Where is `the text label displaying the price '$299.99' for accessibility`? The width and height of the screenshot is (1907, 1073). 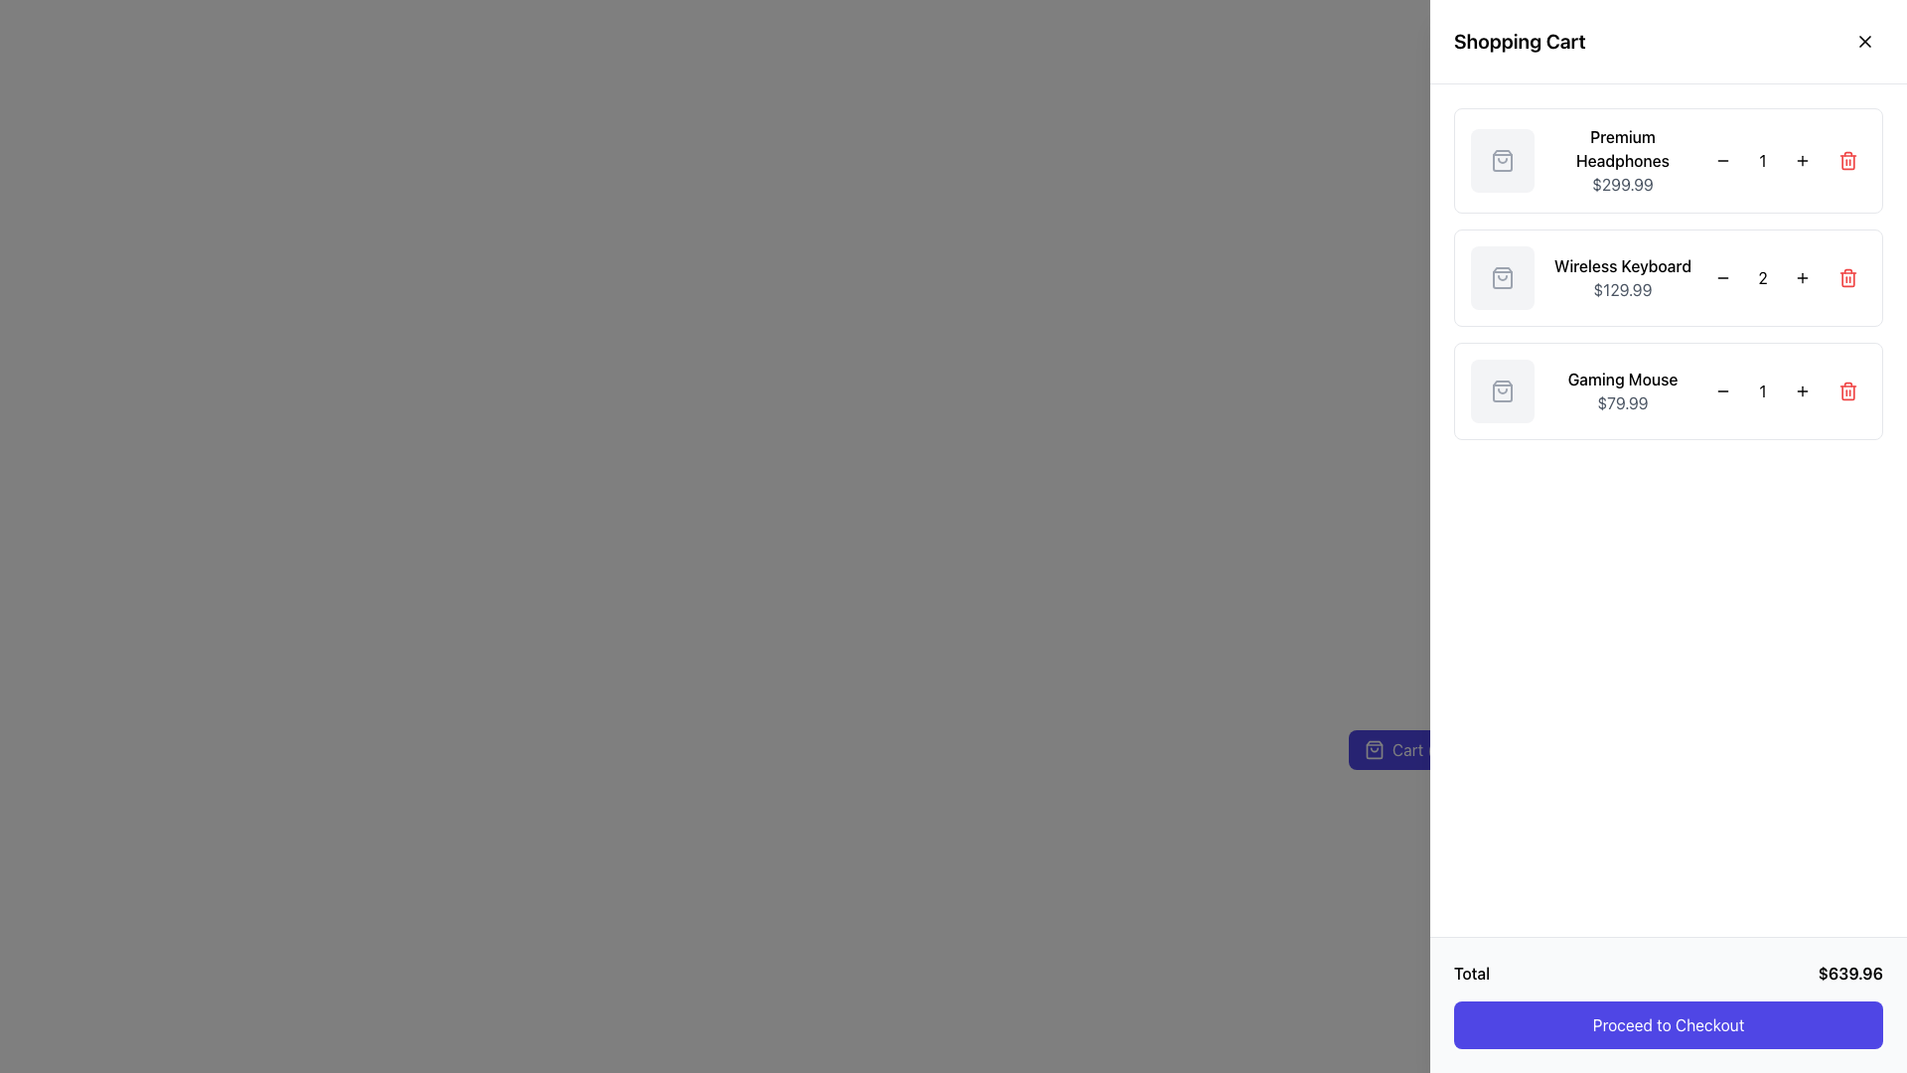
the text label displaying the price '$299.99' for accessibility is located at coordinates (1622, 184).